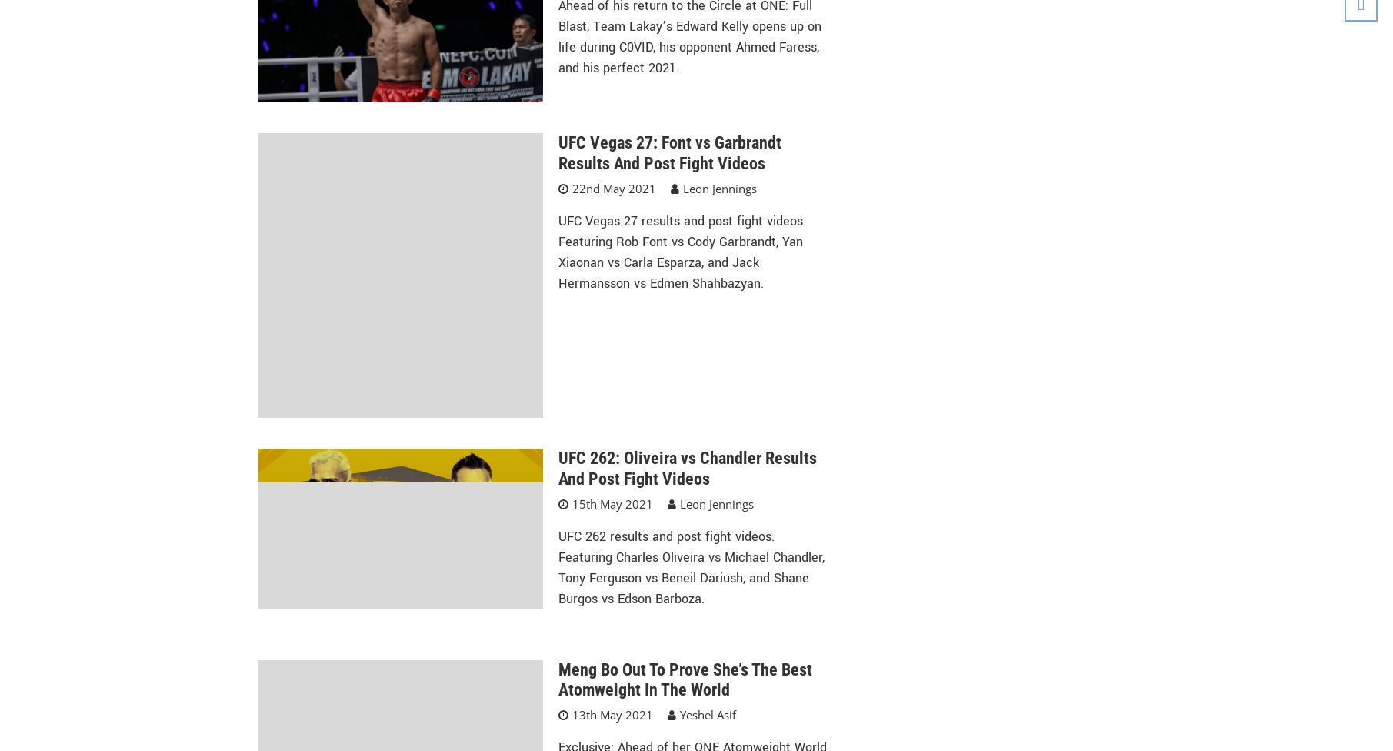 The height and width of the screenshot is (751, 1393). What do you see at coordinates (556, 468) in the screenshot?
I see `'UFC 262: Oliveira vs Chandler Results And Post Fight Videos'` at bounding box center [556, 468].